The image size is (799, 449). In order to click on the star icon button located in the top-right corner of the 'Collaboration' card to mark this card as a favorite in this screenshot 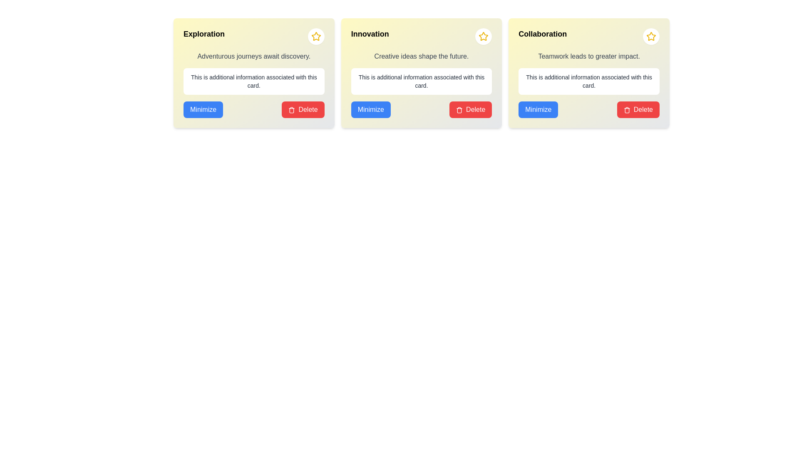, I will do `click(650, 36)`.